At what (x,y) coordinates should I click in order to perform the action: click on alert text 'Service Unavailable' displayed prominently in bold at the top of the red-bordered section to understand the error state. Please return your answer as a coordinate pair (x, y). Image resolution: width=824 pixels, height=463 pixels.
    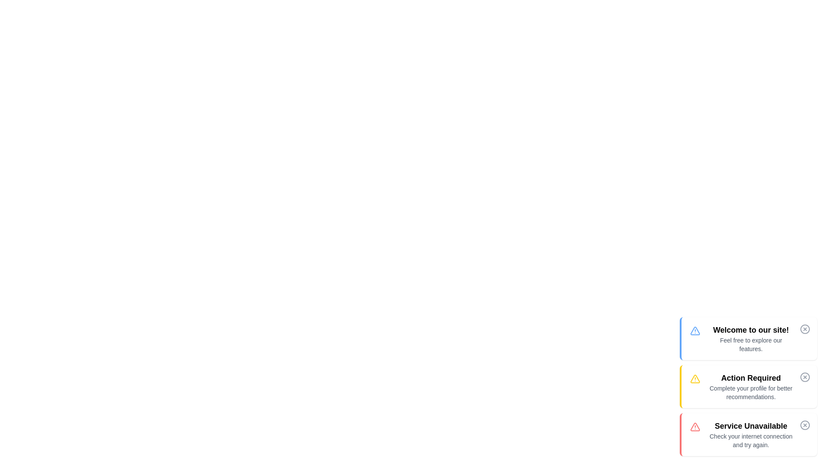
    Looking at the image, I should click on (751, 426).